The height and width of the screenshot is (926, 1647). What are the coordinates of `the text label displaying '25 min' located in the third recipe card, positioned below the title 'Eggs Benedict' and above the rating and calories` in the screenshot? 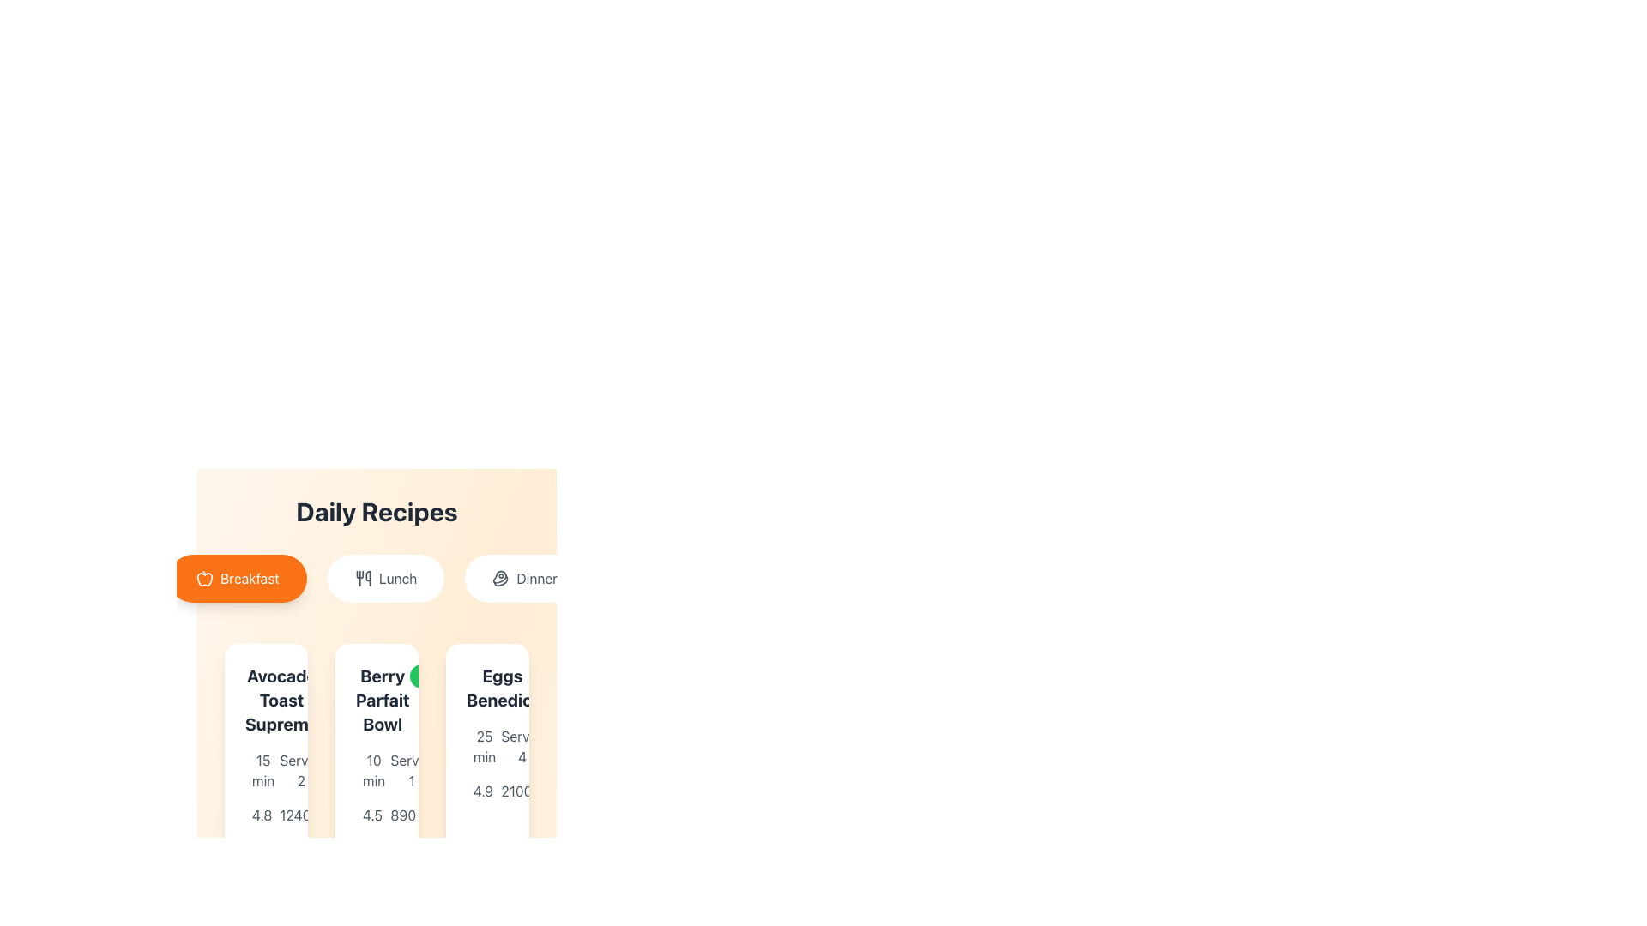 It's located at (484, 746).